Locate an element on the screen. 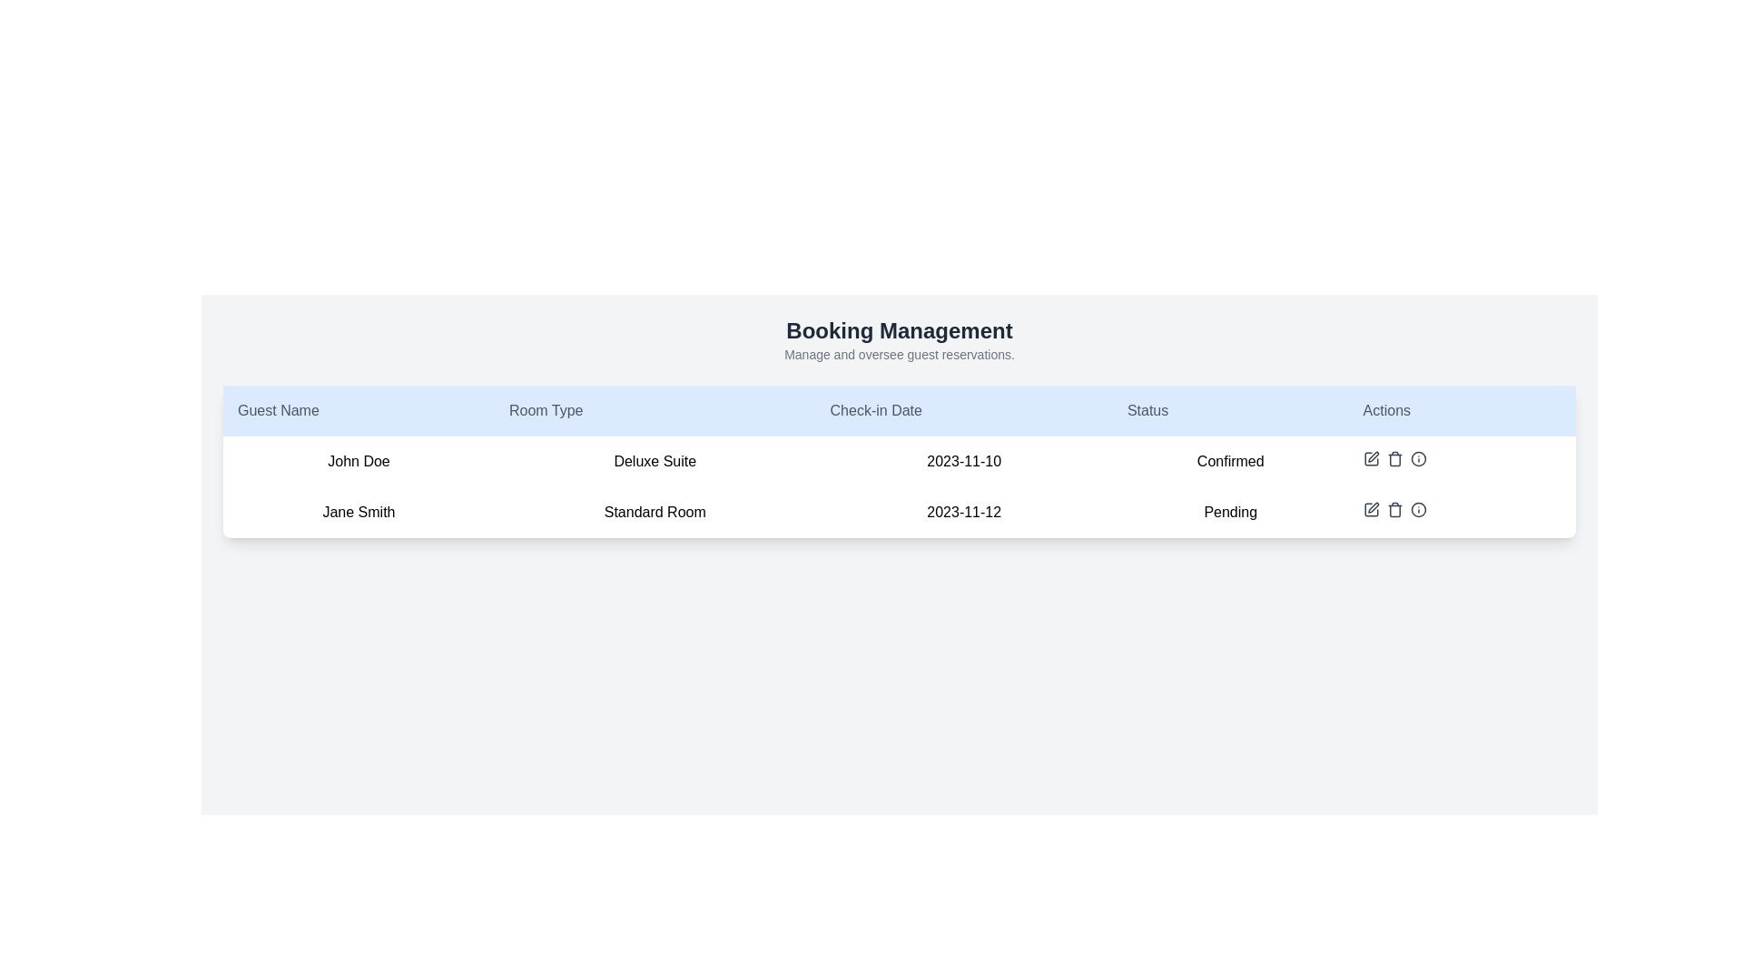 Image resolution: width=1743 pixels, height=980 pixels. the static text display that shows the check-in date for the booking entry of 'John Doe' in the 'Deluxe Suite', located between the 'Room Type' and 'Status' columns in the first row of the table is located at coordinates (963, 461).